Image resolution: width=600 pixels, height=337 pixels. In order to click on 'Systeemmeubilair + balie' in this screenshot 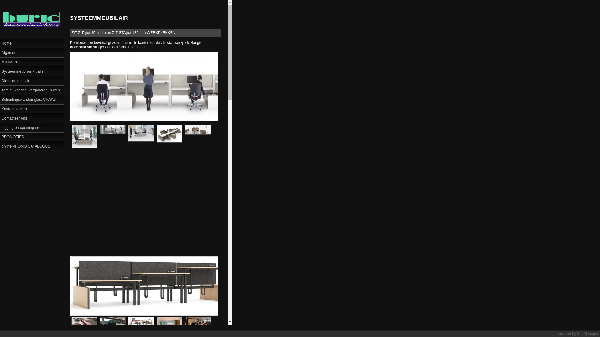, I will do `click(31, 71)`.